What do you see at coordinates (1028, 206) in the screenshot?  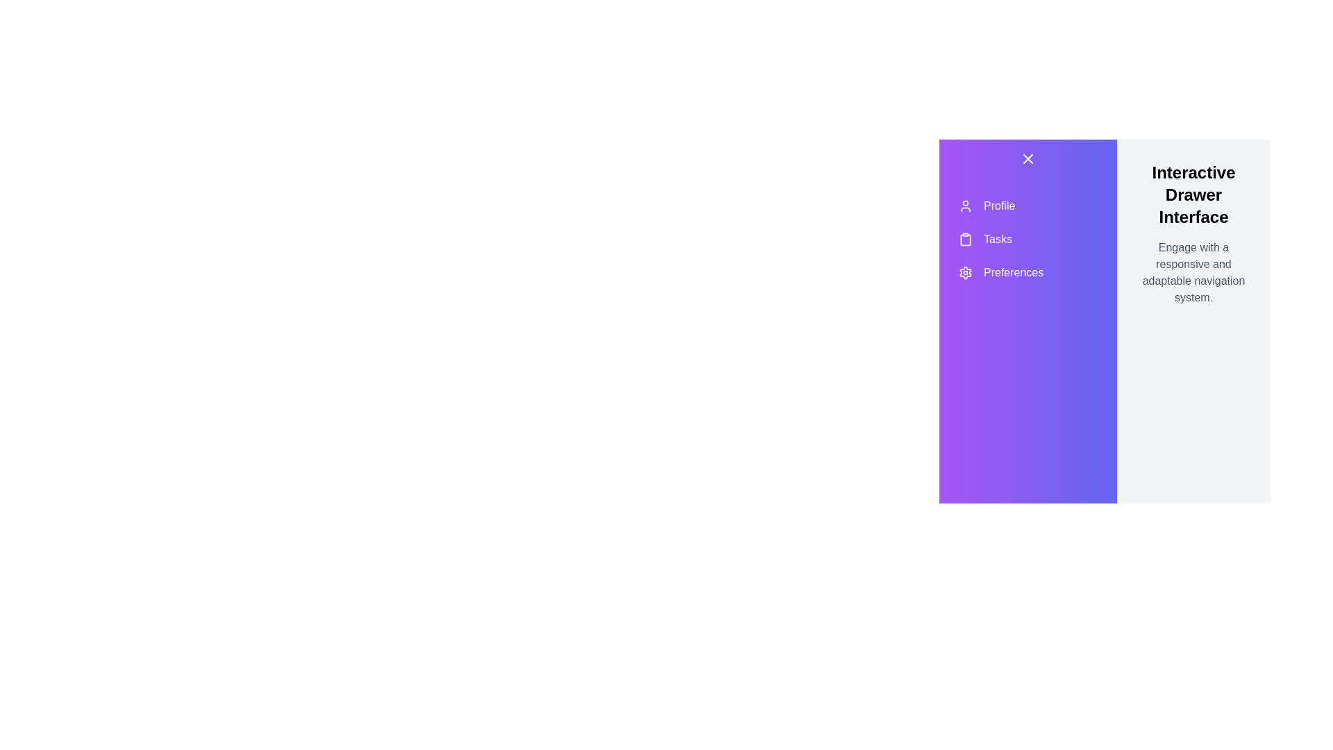 I see `the menu item Profile from the sidebar` at bounding box center [1028, 206].